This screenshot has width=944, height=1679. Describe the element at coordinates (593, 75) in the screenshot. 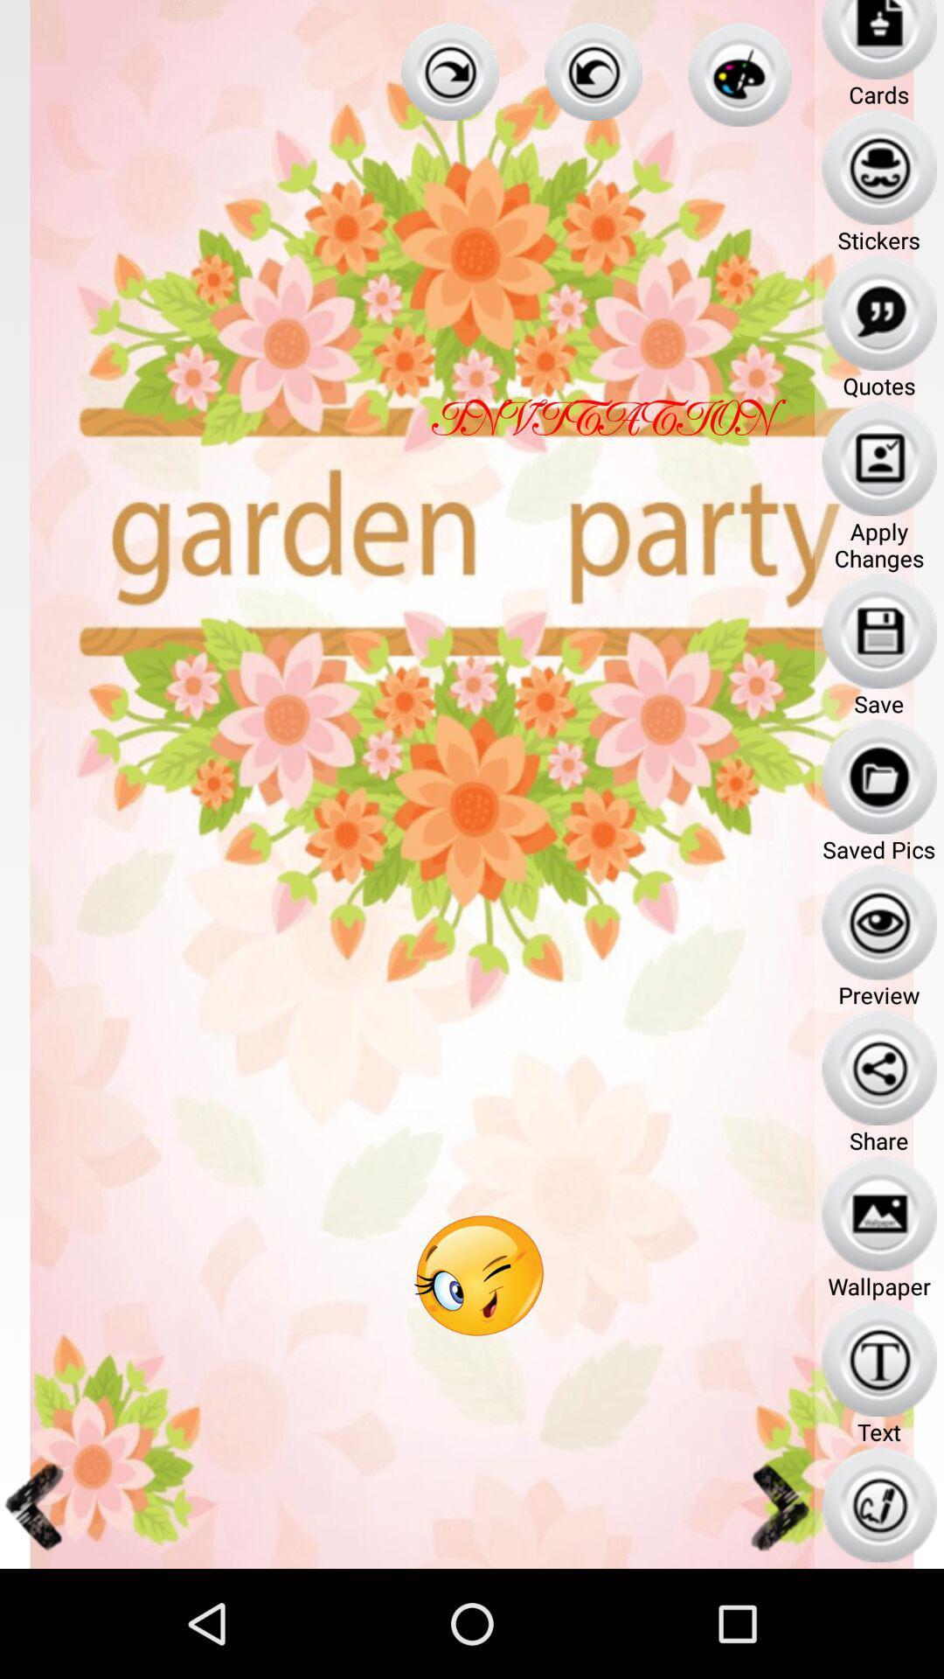

I see `the undo icon` at that location.